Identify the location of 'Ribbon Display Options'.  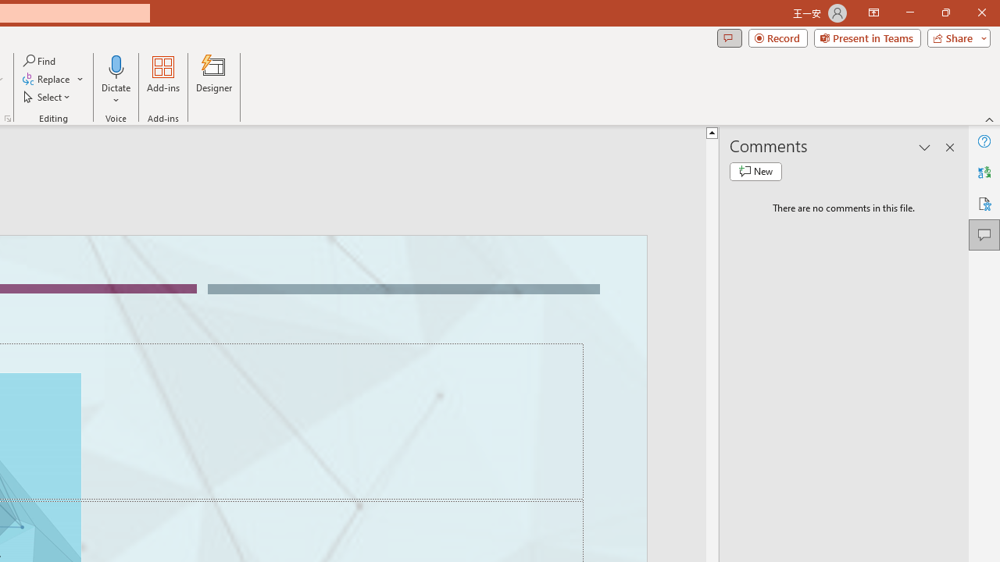
(873, 12).